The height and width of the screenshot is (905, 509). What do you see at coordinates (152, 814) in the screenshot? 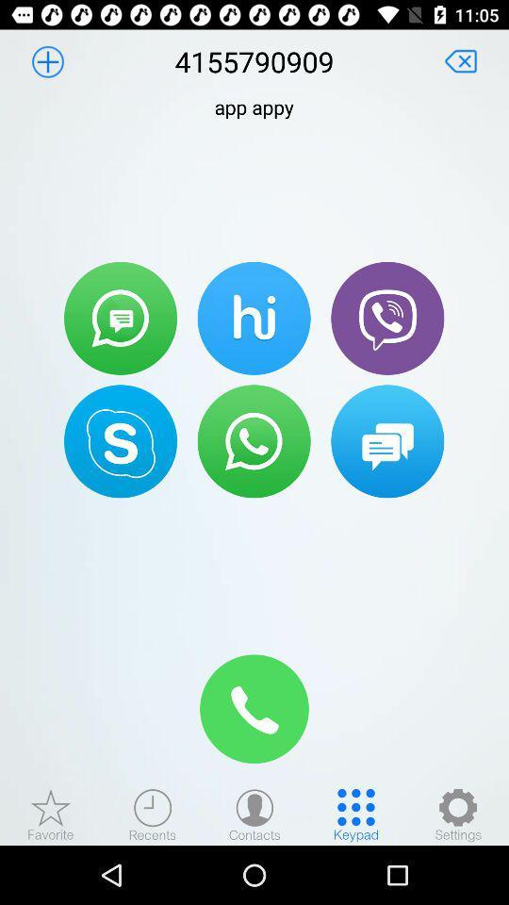
I see `the time icon` at bounding box center [152, 814].